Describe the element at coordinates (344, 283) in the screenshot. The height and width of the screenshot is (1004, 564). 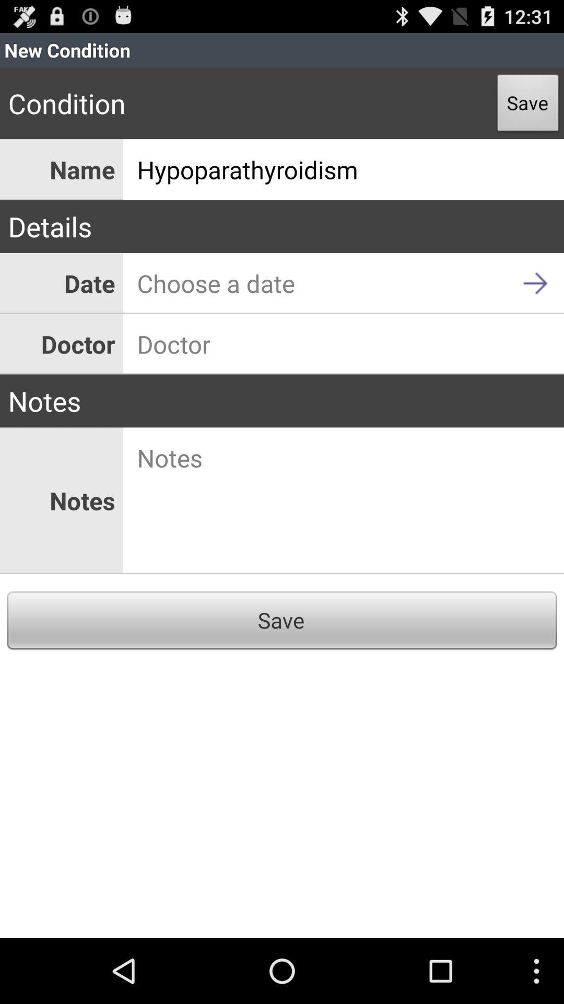
I see `app next to date` at that location.